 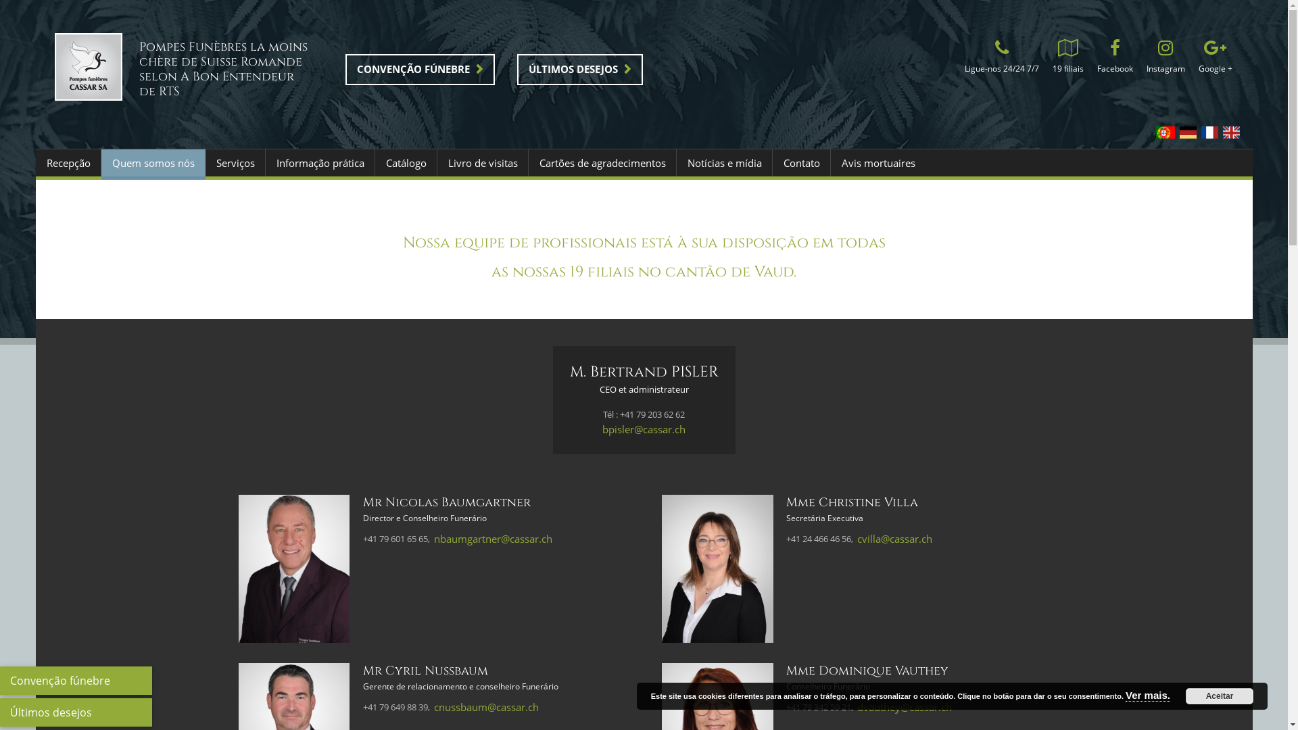 What do you see at coordinates (1230, 132) in the screenshot?
I see `'English'` at bounding box center [1230, 132].